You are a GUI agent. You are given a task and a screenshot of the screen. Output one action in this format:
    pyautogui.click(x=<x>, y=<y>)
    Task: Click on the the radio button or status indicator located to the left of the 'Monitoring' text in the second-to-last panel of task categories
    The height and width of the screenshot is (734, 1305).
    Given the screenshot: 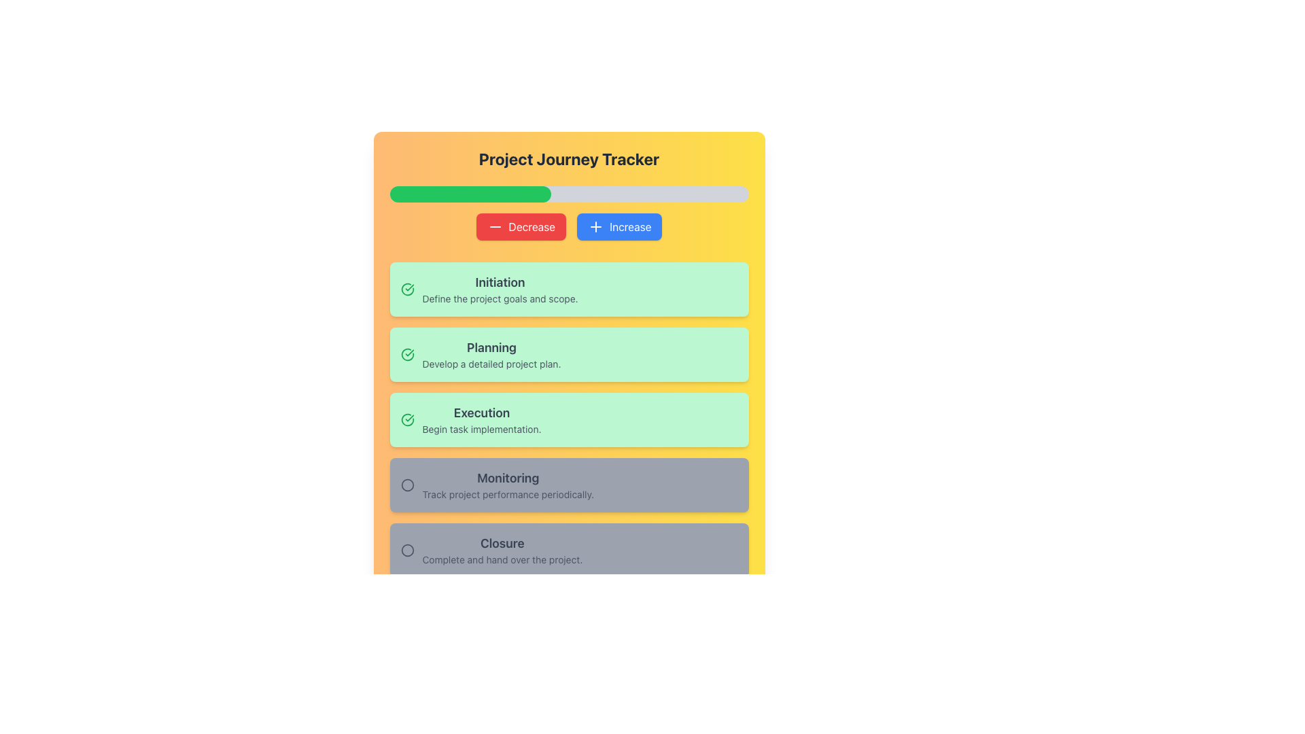 What is the action you would take?
    pyautogui.click(x=406, y=484)
    